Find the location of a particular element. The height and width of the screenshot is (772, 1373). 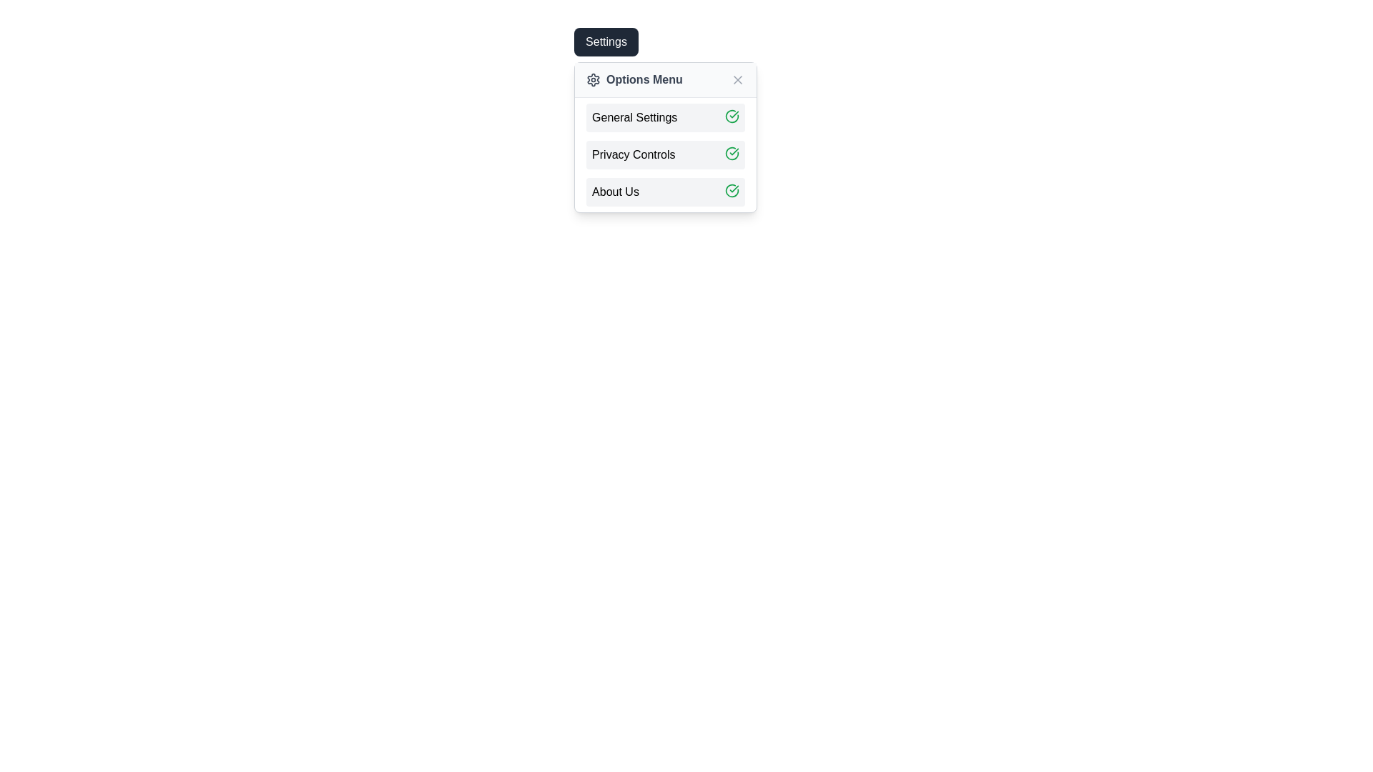

the non-interactive title or header text element at the top of the 'Settings' popup menu is located at coordinates (634, 79).